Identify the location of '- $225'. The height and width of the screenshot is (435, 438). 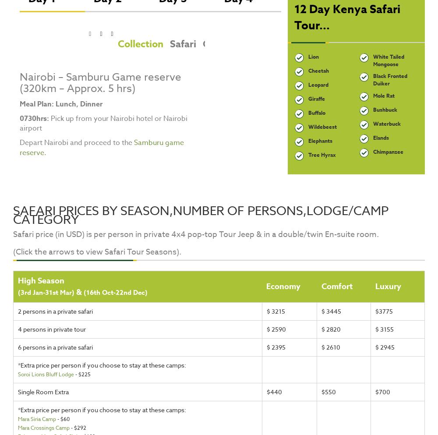
(82, 374).